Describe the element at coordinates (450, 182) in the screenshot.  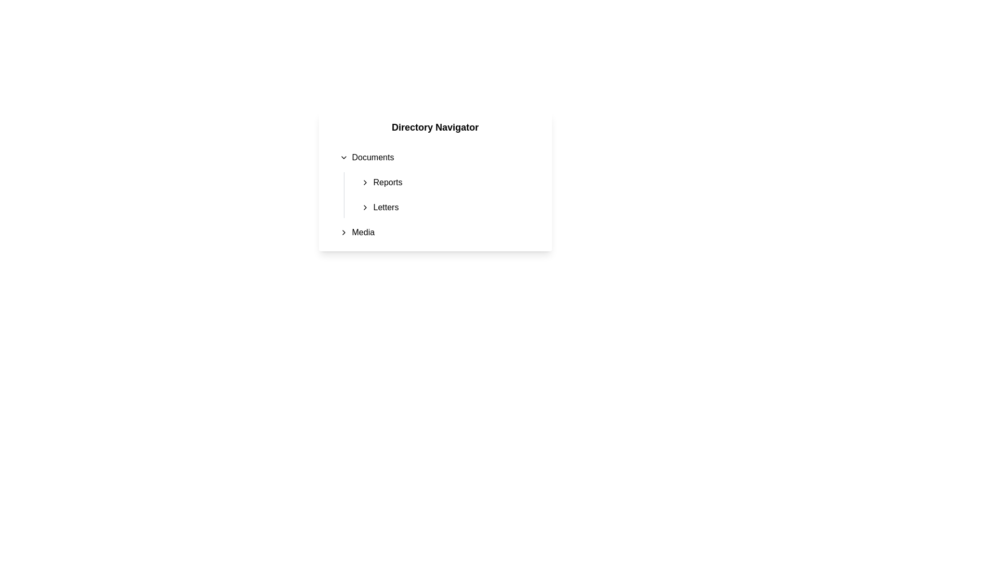
I see `the first navigation item under the 'Documents' section` at that location.